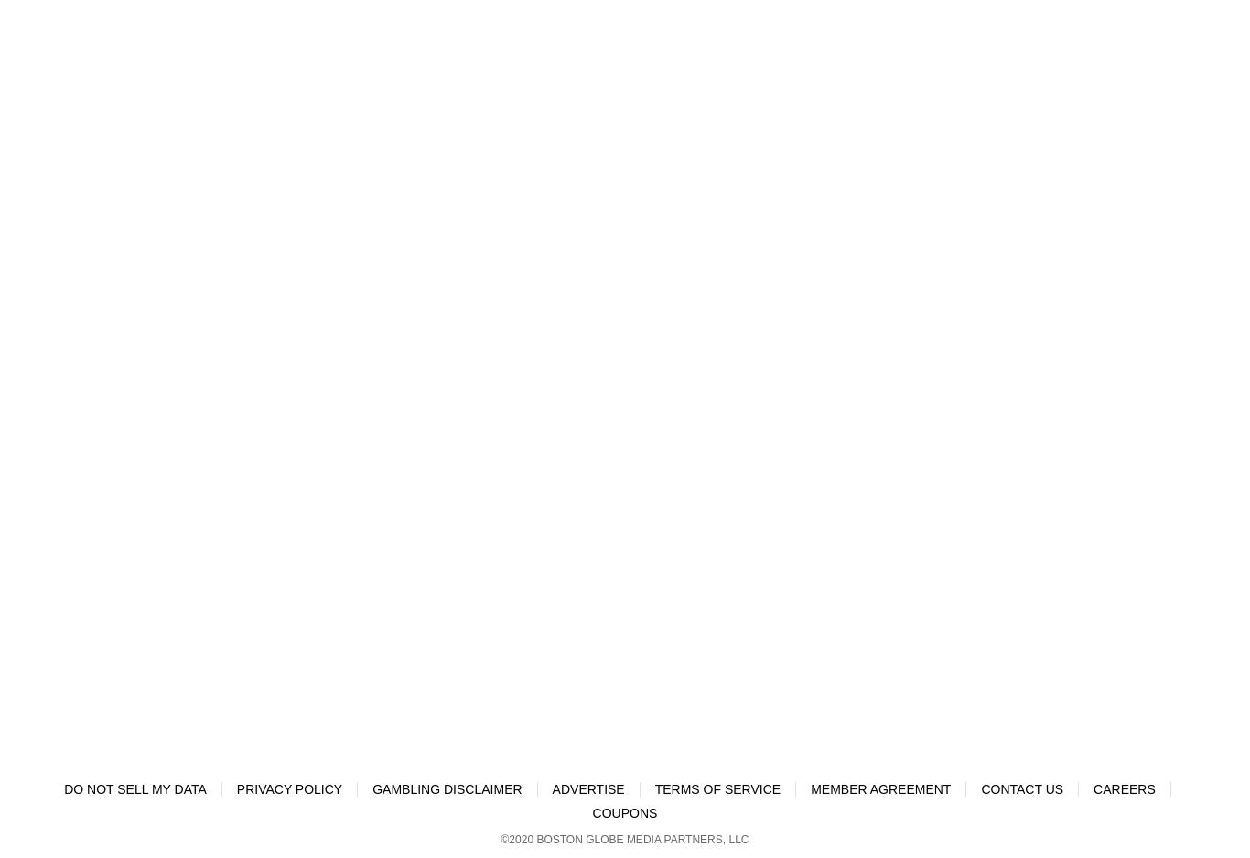 The height and width of the screenshot is (858, 1250). What do you see at coordinates (590, 813) in the screenshot?
I see `'Coupons'` at bounding box center [590, 813].